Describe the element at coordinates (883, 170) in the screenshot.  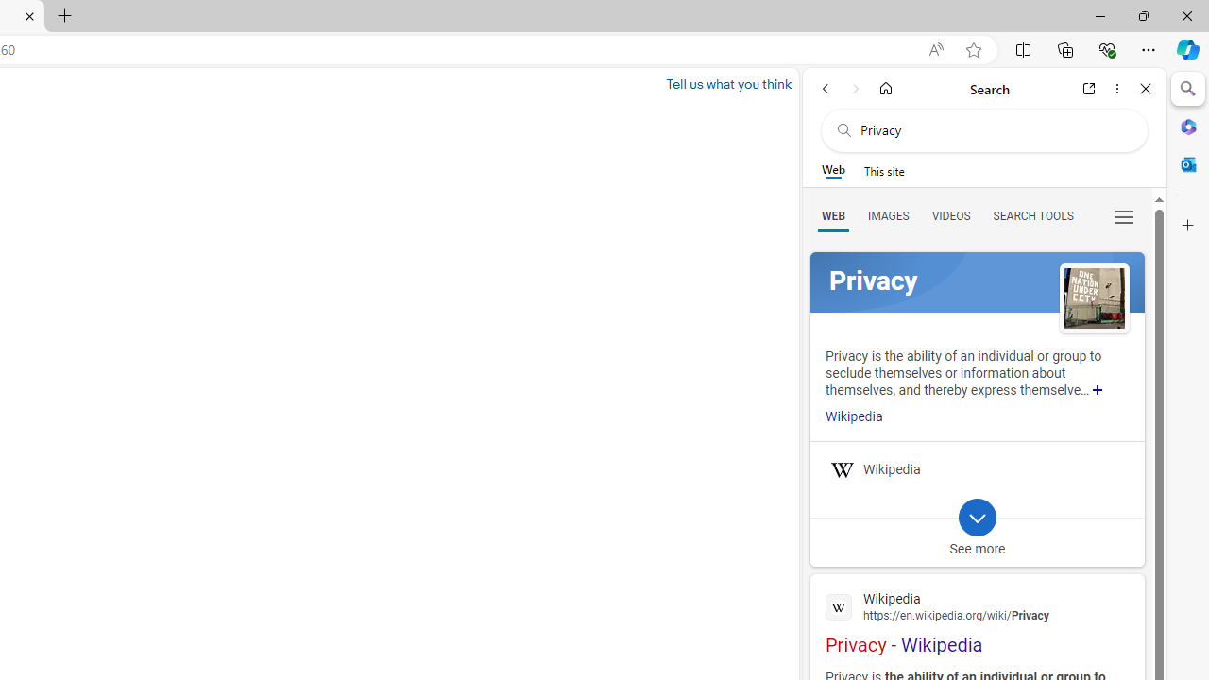
I see `'This site scope'` at that location.